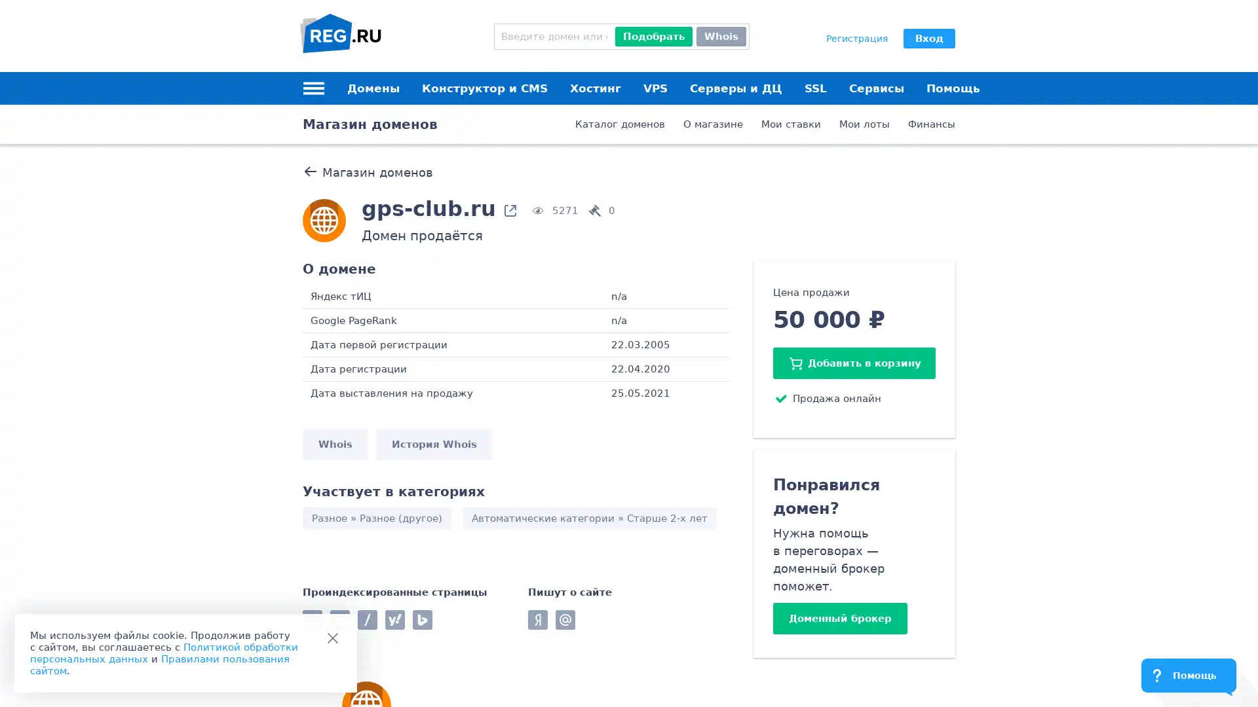 Image resolution: width=1258 pixels, height=707 pixels. What do you see at coordinates (720, 36) in the screenshot?
I see `Whois` at bounding box center [720, 36].